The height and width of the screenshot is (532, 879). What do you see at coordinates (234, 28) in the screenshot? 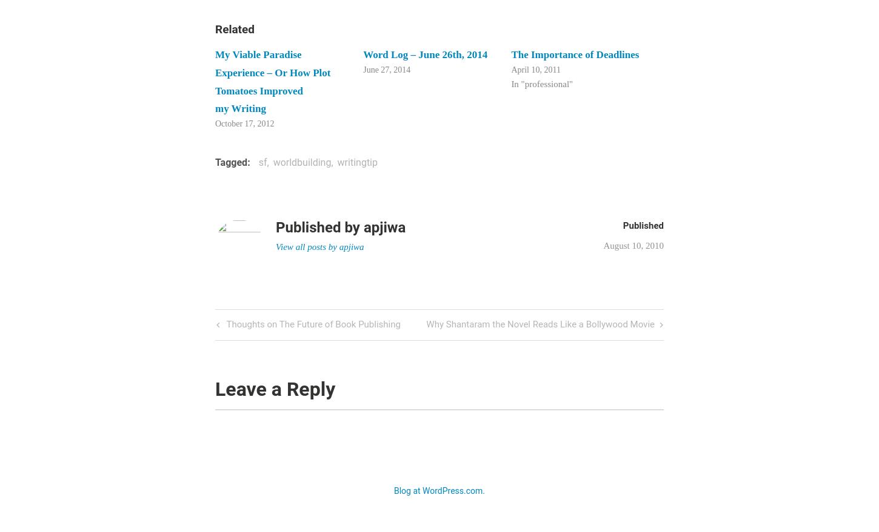
I see `'Related'` at bounding box center [234, 28].